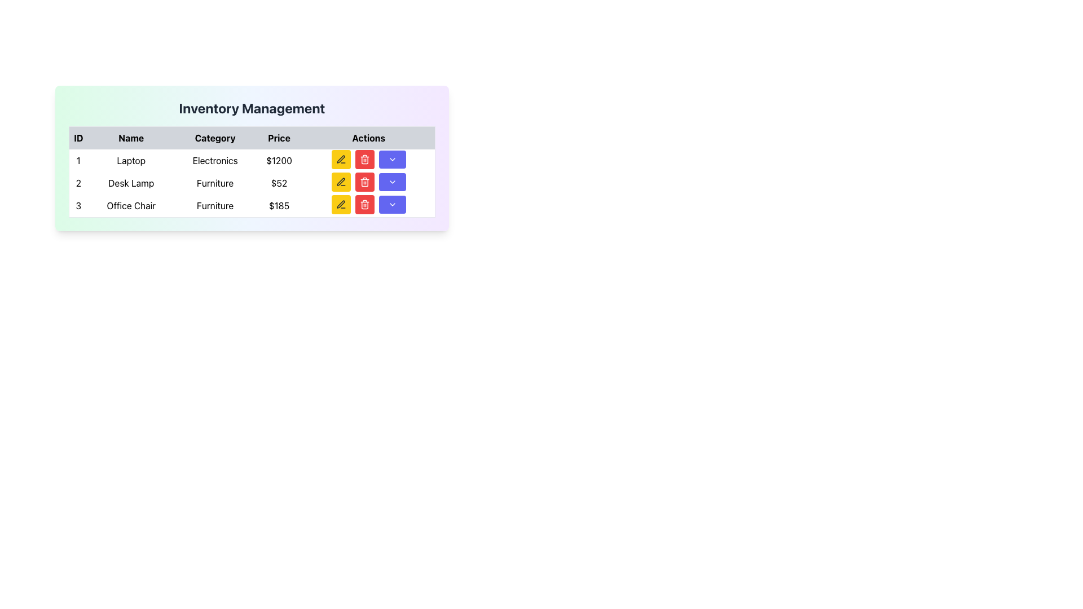 The width and height of the screenshot is (1083, 609). I want to click on the red square button with a white trash can icon, so click(364, 182).